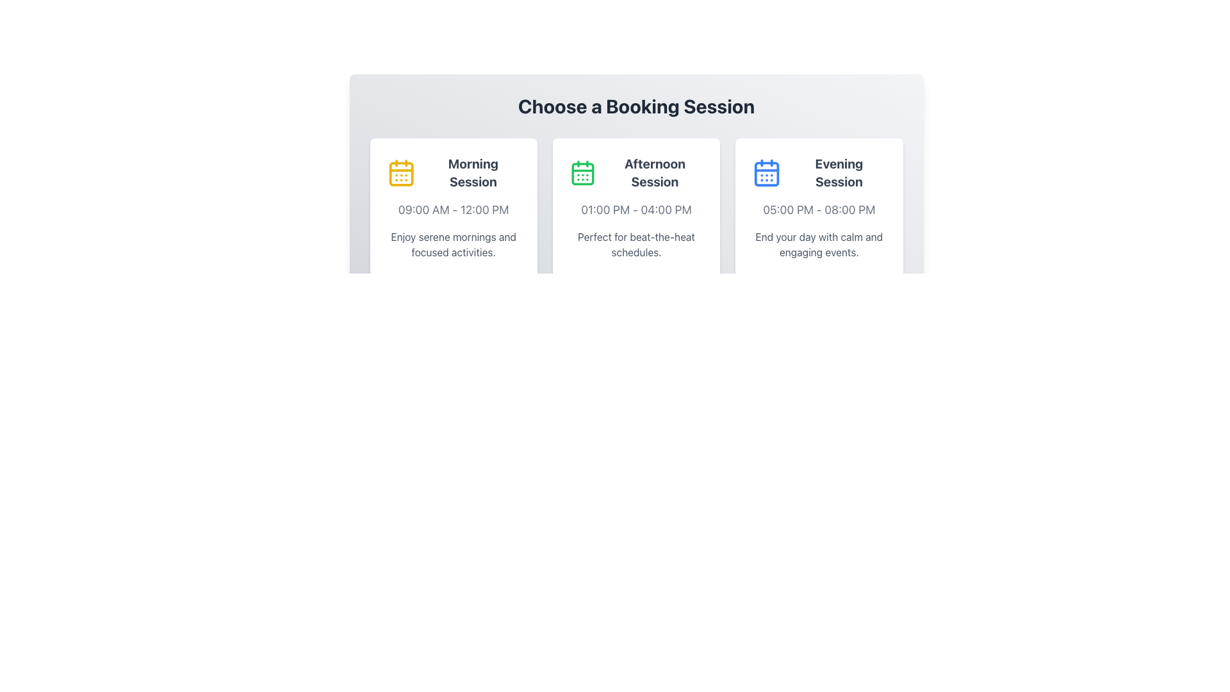 This screenshot has height=692, width=1230. I want to click on text from the 'Morning Session' label, which is displayed in bold, large dark gray font and is centrally located in the first column of the session options, so click(472, 173).